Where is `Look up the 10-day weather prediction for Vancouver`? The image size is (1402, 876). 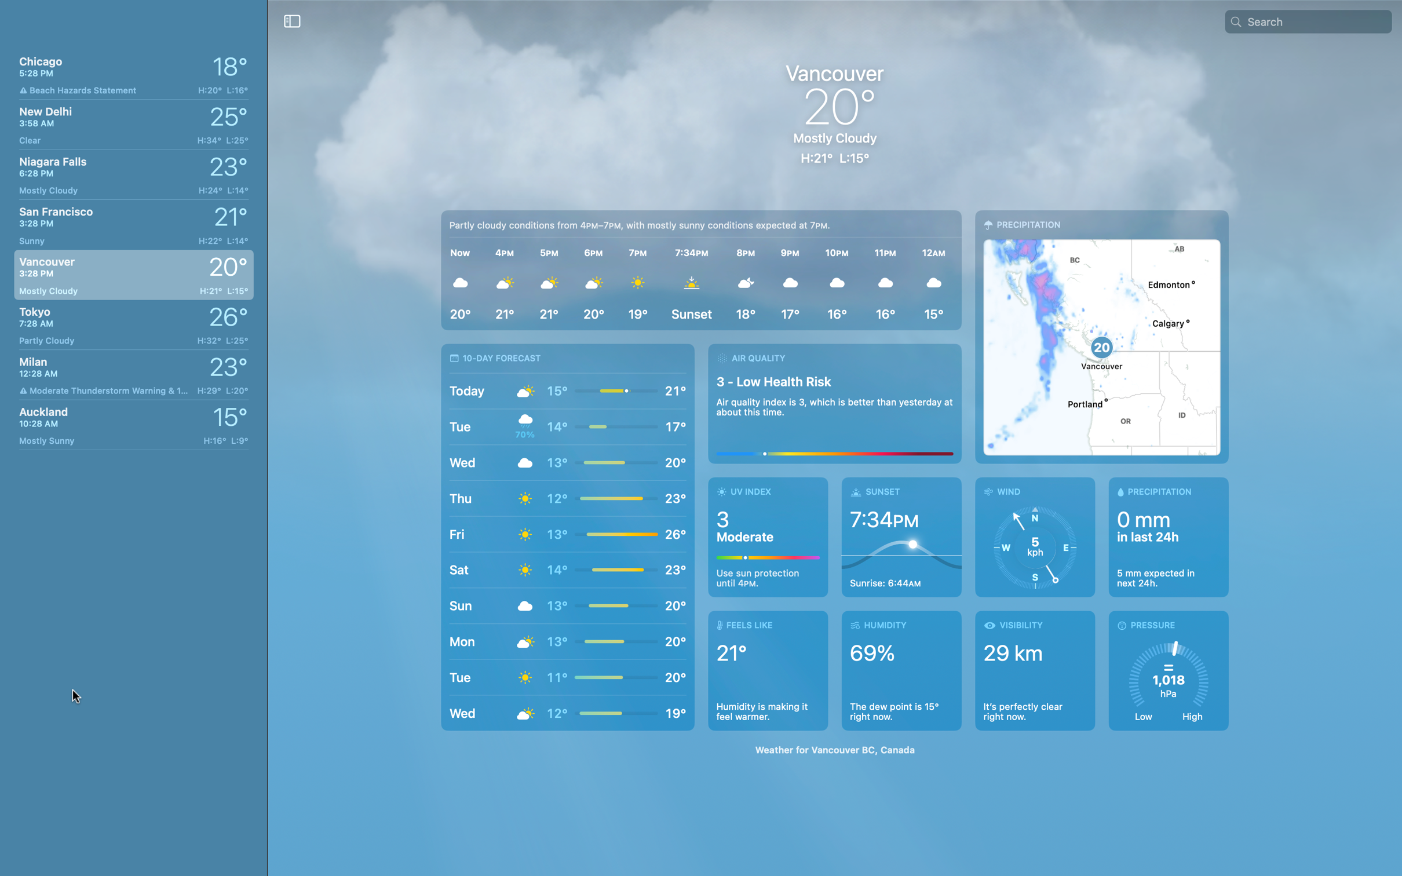 Look up the 10-day weather prediction for Vancouver is located at coordinates (567, 536).